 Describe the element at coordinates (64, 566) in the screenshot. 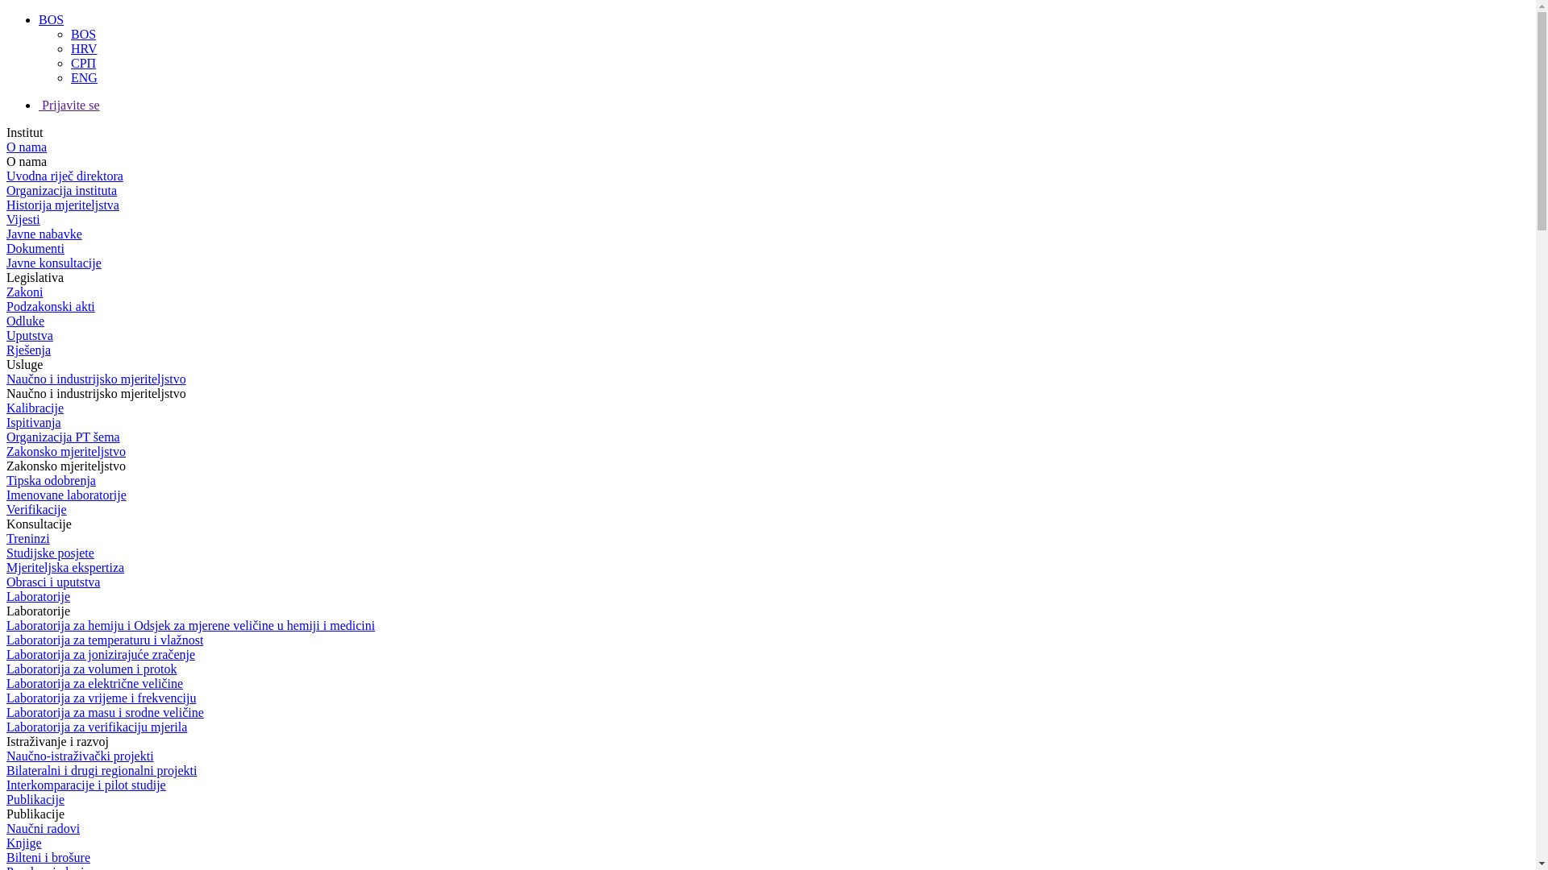

I see `'Mjeriteljska ekspertiza'` at that location.